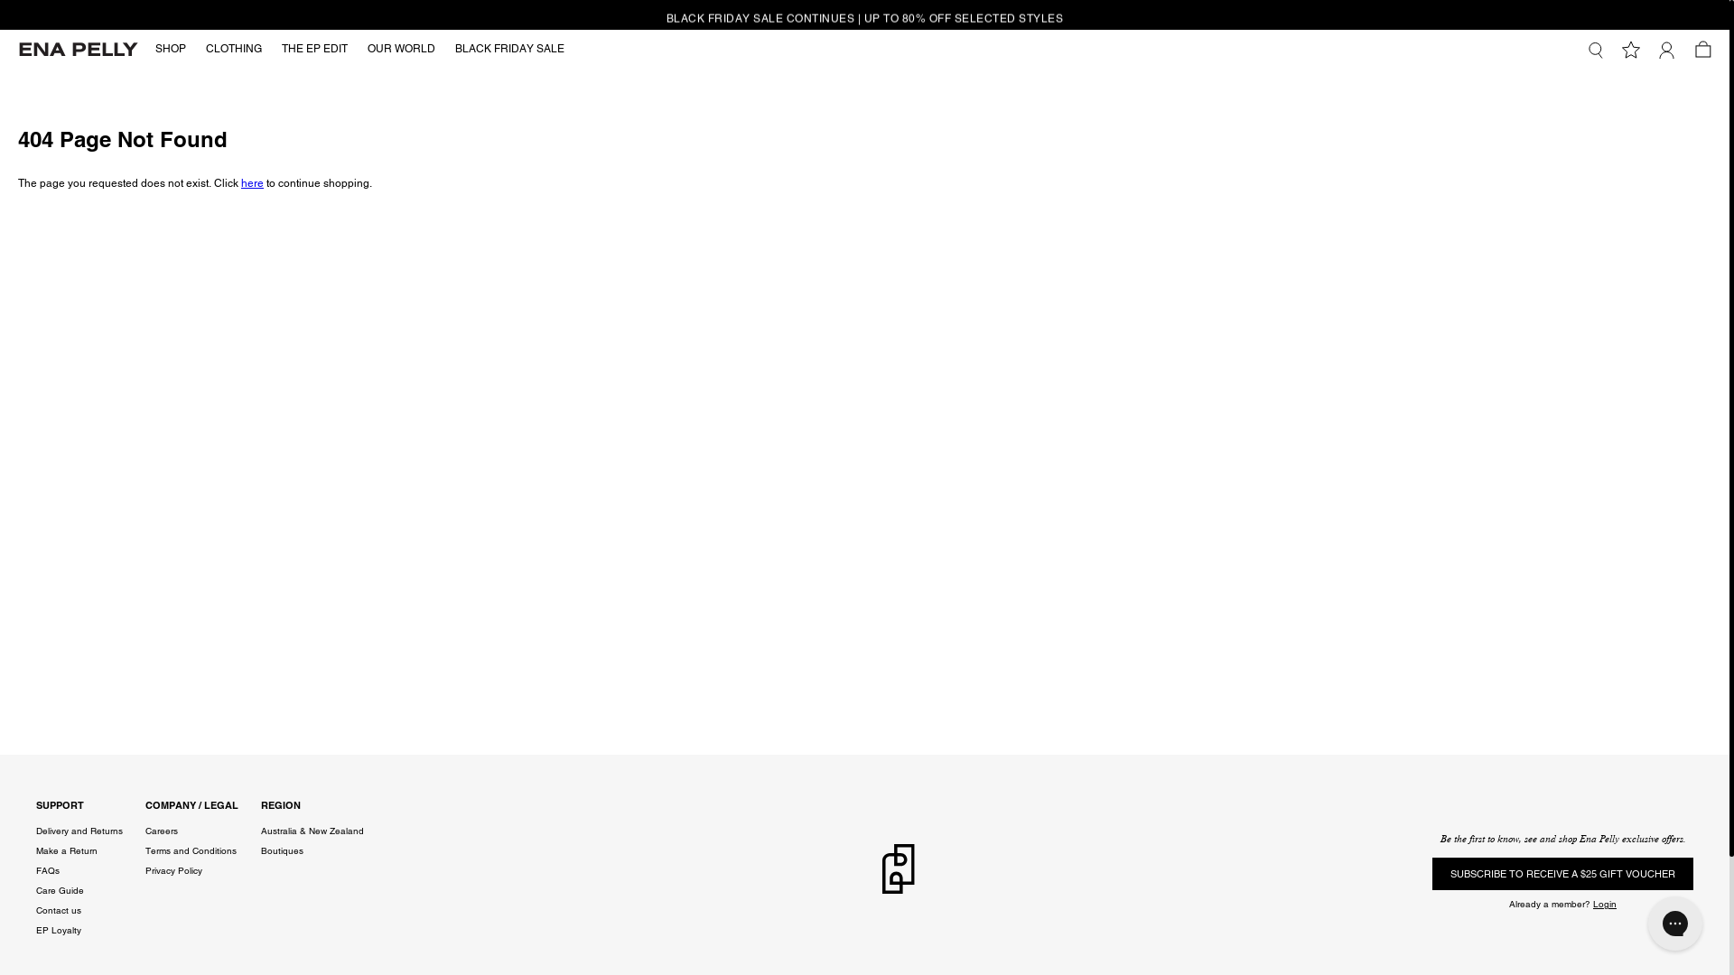 The image size is (1734, 975). I want to click on 'Terms and Conditions', so click(191, 850).